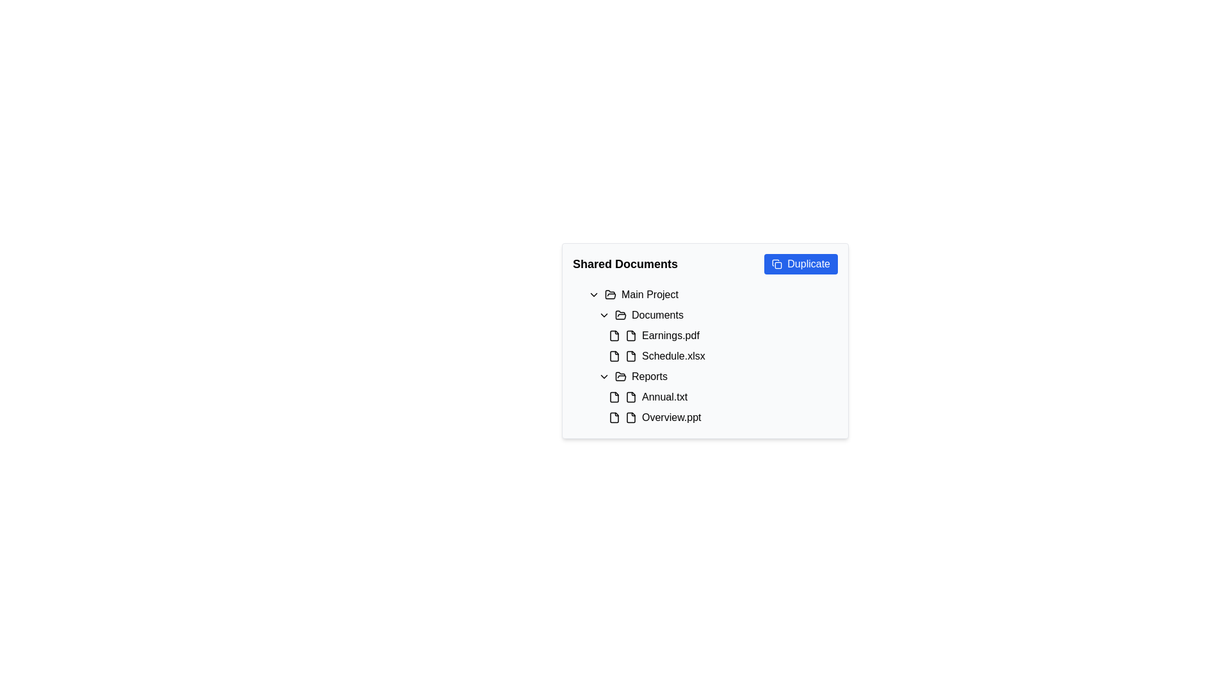  Describe the element at coordinates (610, 295) in the screenshot. I see `the open folder icon that indicates the expanded state of the 'Main Project' category, located in the 'Shared Documents' section` at that location.